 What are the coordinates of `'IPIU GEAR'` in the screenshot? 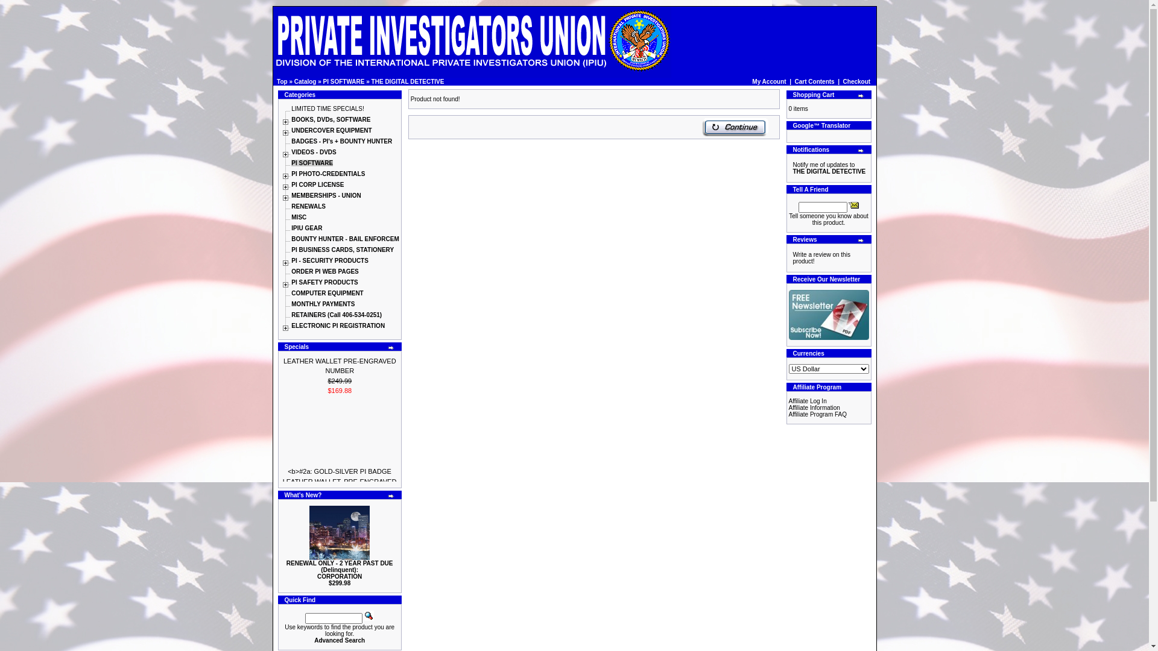 It's located at (291, 228).